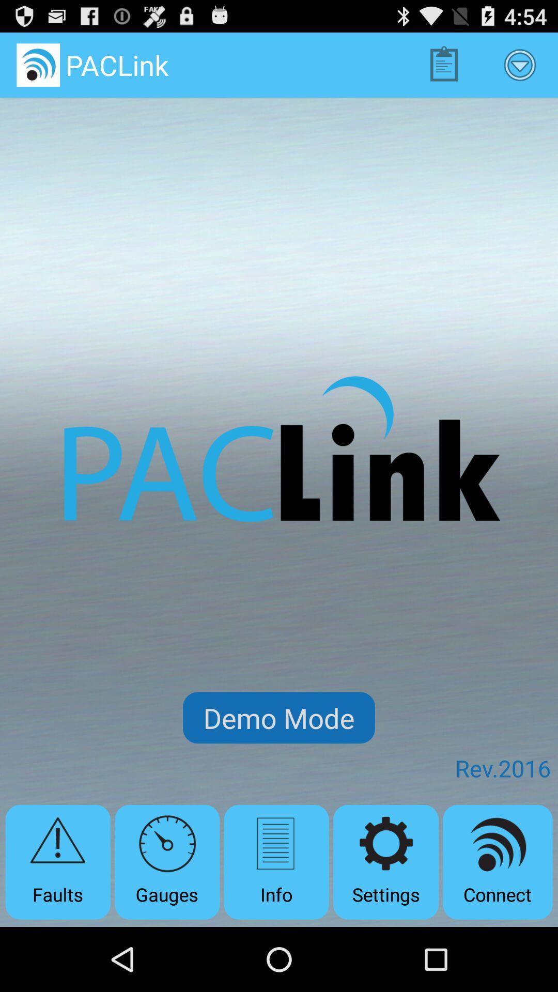  What do you see at coordinates (443, 64) in the screenshot?
I see `icon next to paclink item` at bounding box center [443, 64].